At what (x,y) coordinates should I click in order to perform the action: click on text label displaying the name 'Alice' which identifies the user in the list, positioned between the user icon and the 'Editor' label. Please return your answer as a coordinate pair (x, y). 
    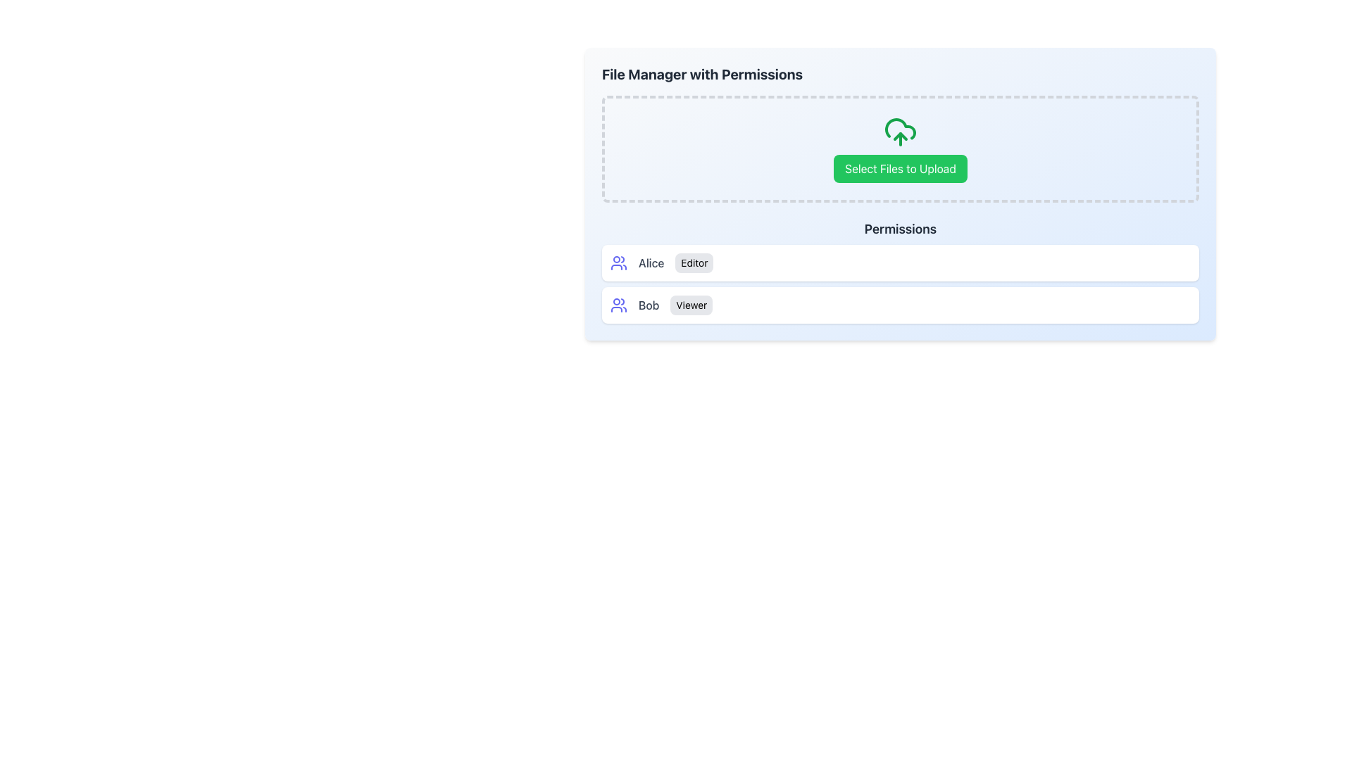
    Looking at the image, I should click on (651, 263).